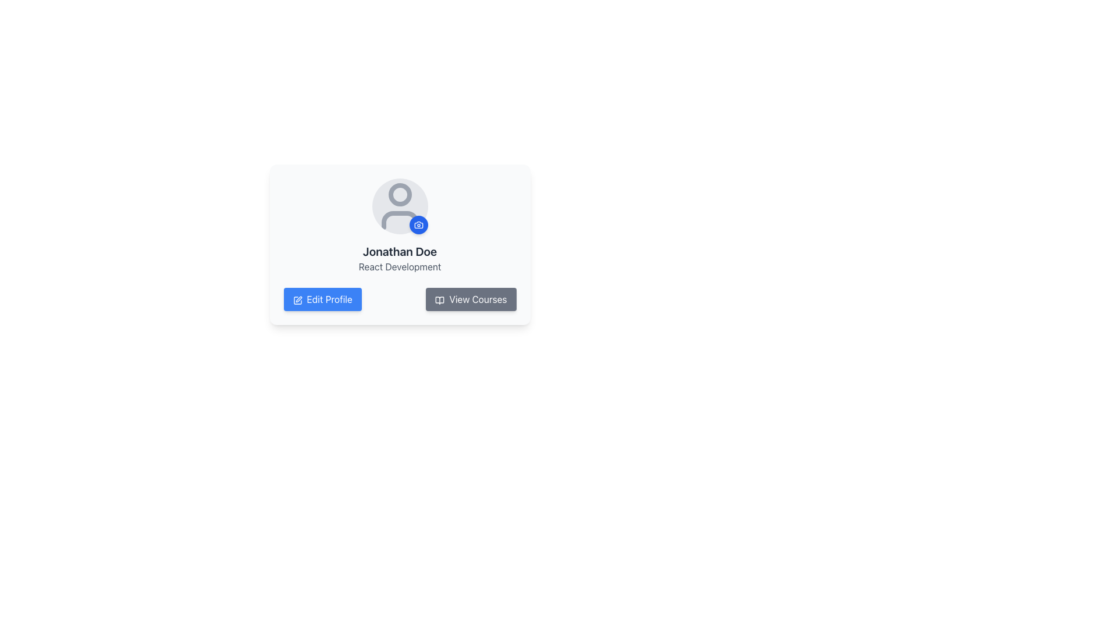 This screenshot has height=628, width=1117. What do you see at coordinates (400, 205) in the screenshot?
I see `the Profile Picture Placeholder` at bounding box center [400, 205].